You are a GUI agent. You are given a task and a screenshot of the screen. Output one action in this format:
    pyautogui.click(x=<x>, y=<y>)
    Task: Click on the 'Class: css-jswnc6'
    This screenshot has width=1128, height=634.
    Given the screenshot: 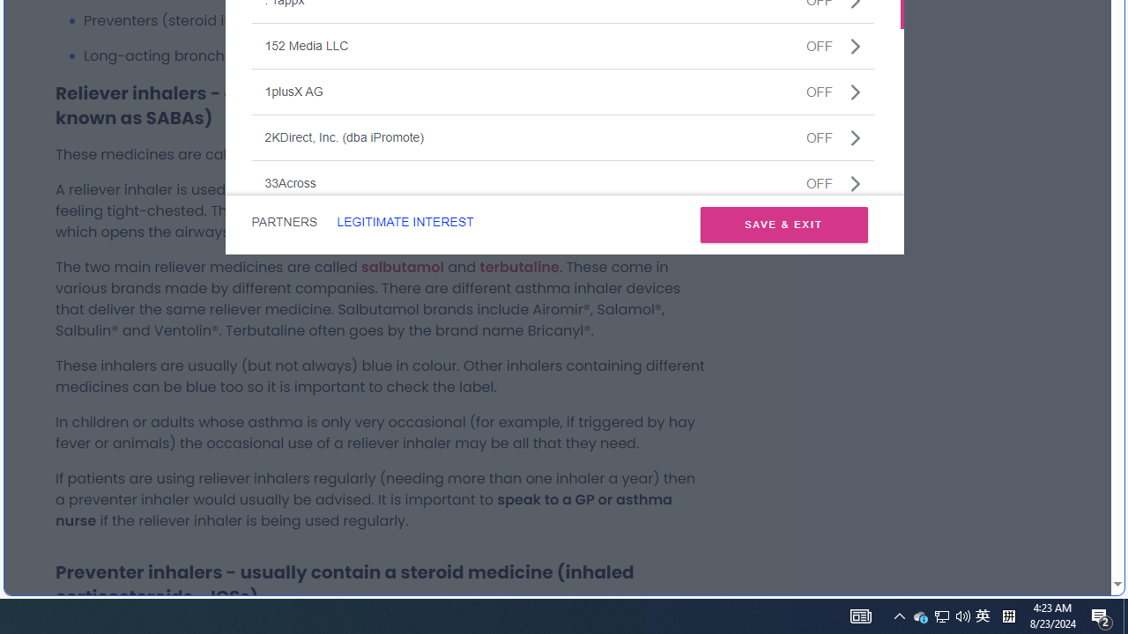 What is the action you would take?
    pyautogui.click(x=855, y=183)
    